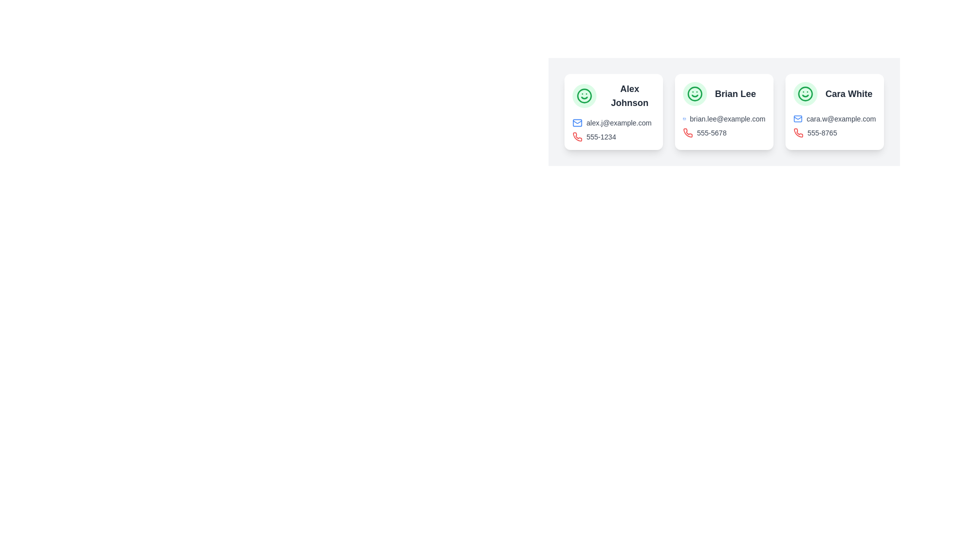  What do you see at coordinates (577, 136) in the screenshot?
I see `the phone icon representing the call action for the phone number '555-1234' associated with the contact 'Alex Johnson.'` at bounding box center [577, 136].